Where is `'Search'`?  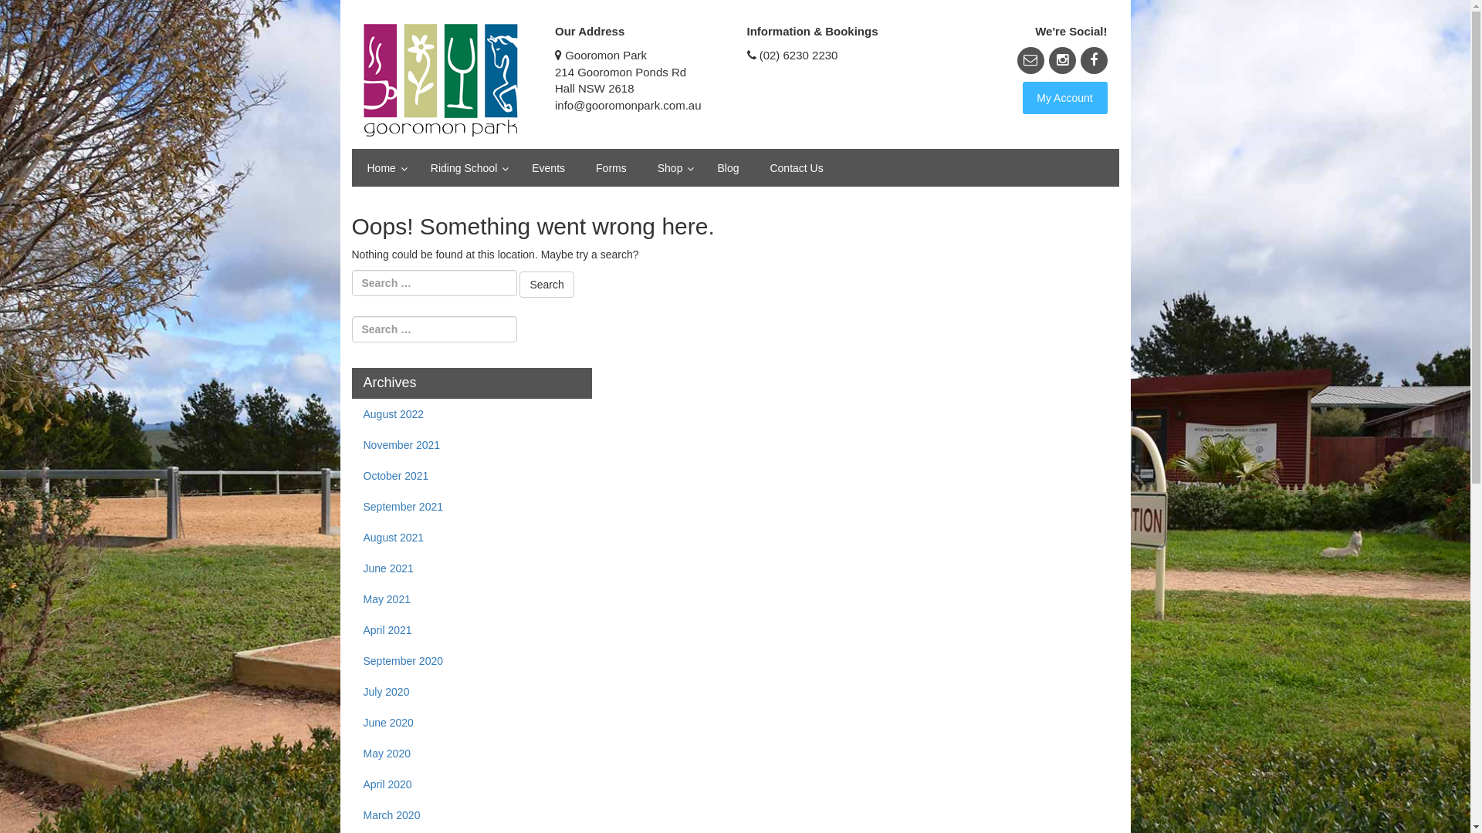 'Search' is located at coordinates (0, 12).